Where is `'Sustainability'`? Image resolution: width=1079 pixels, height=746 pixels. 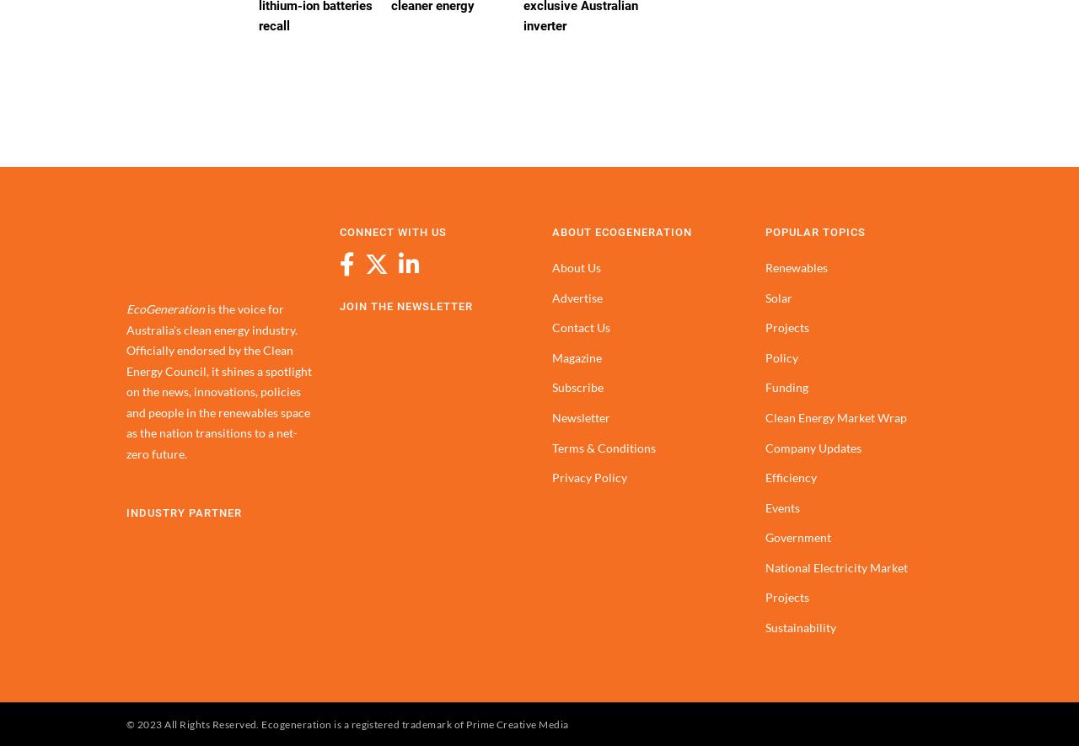 'Sustainability' is located at coordinates (798, 627).